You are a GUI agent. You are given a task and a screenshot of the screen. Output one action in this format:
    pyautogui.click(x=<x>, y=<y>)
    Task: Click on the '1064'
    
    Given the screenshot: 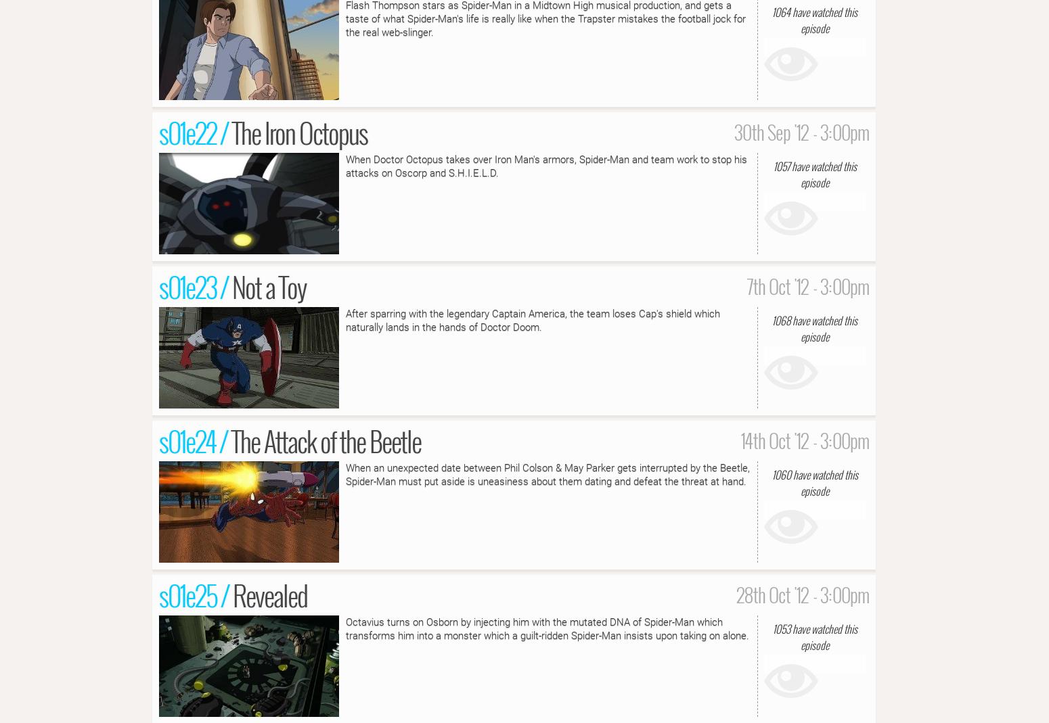 What is the action you would take?
    pyautogui.click(x=771, y=10)
    